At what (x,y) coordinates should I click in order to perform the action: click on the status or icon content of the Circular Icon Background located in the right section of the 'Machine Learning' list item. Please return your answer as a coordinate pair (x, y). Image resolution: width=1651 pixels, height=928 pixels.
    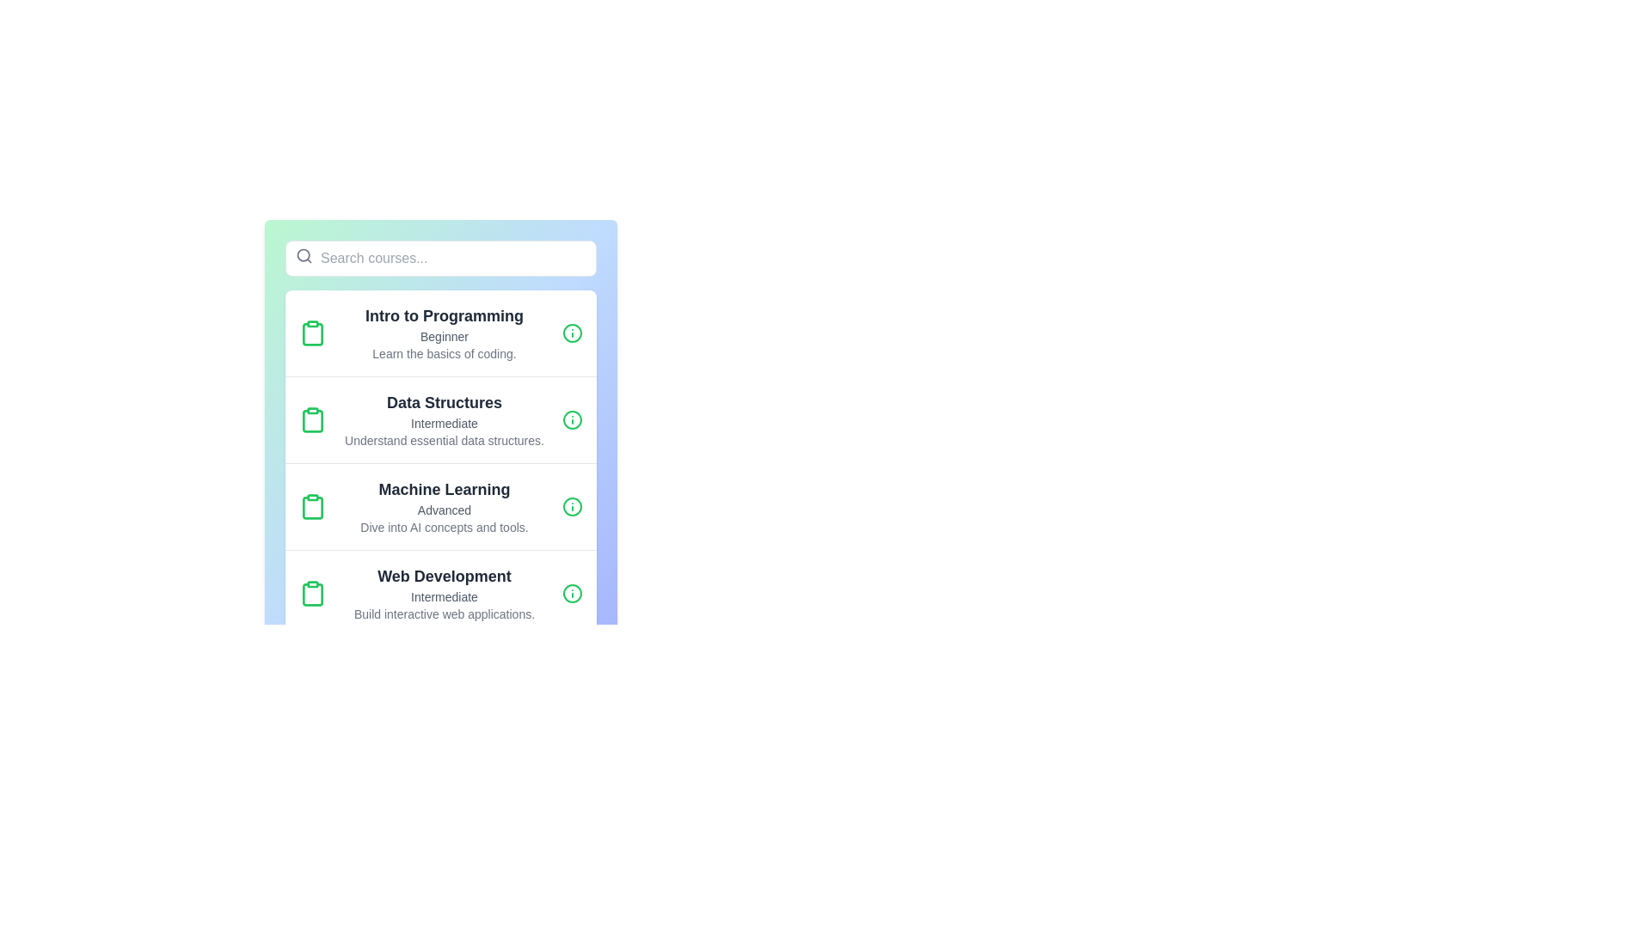
    Looking at the image, I should click on (573, 506).